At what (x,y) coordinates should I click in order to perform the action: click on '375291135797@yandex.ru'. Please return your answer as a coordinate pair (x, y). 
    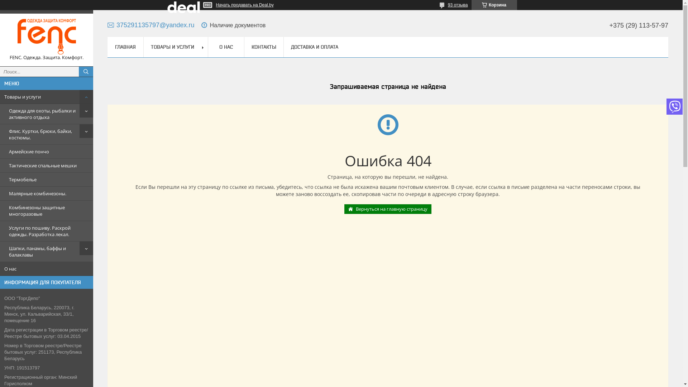
    Looking at the image, I should click on (150, 24).